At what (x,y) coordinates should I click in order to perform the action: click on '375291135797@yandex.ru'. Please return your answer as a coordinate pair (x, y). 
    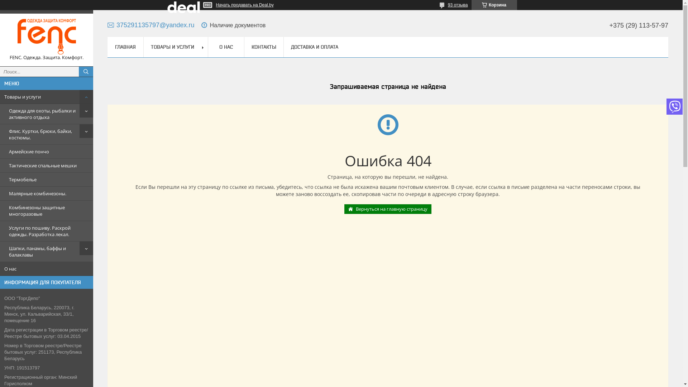
    Looking at the image, I should click on (150, 24).